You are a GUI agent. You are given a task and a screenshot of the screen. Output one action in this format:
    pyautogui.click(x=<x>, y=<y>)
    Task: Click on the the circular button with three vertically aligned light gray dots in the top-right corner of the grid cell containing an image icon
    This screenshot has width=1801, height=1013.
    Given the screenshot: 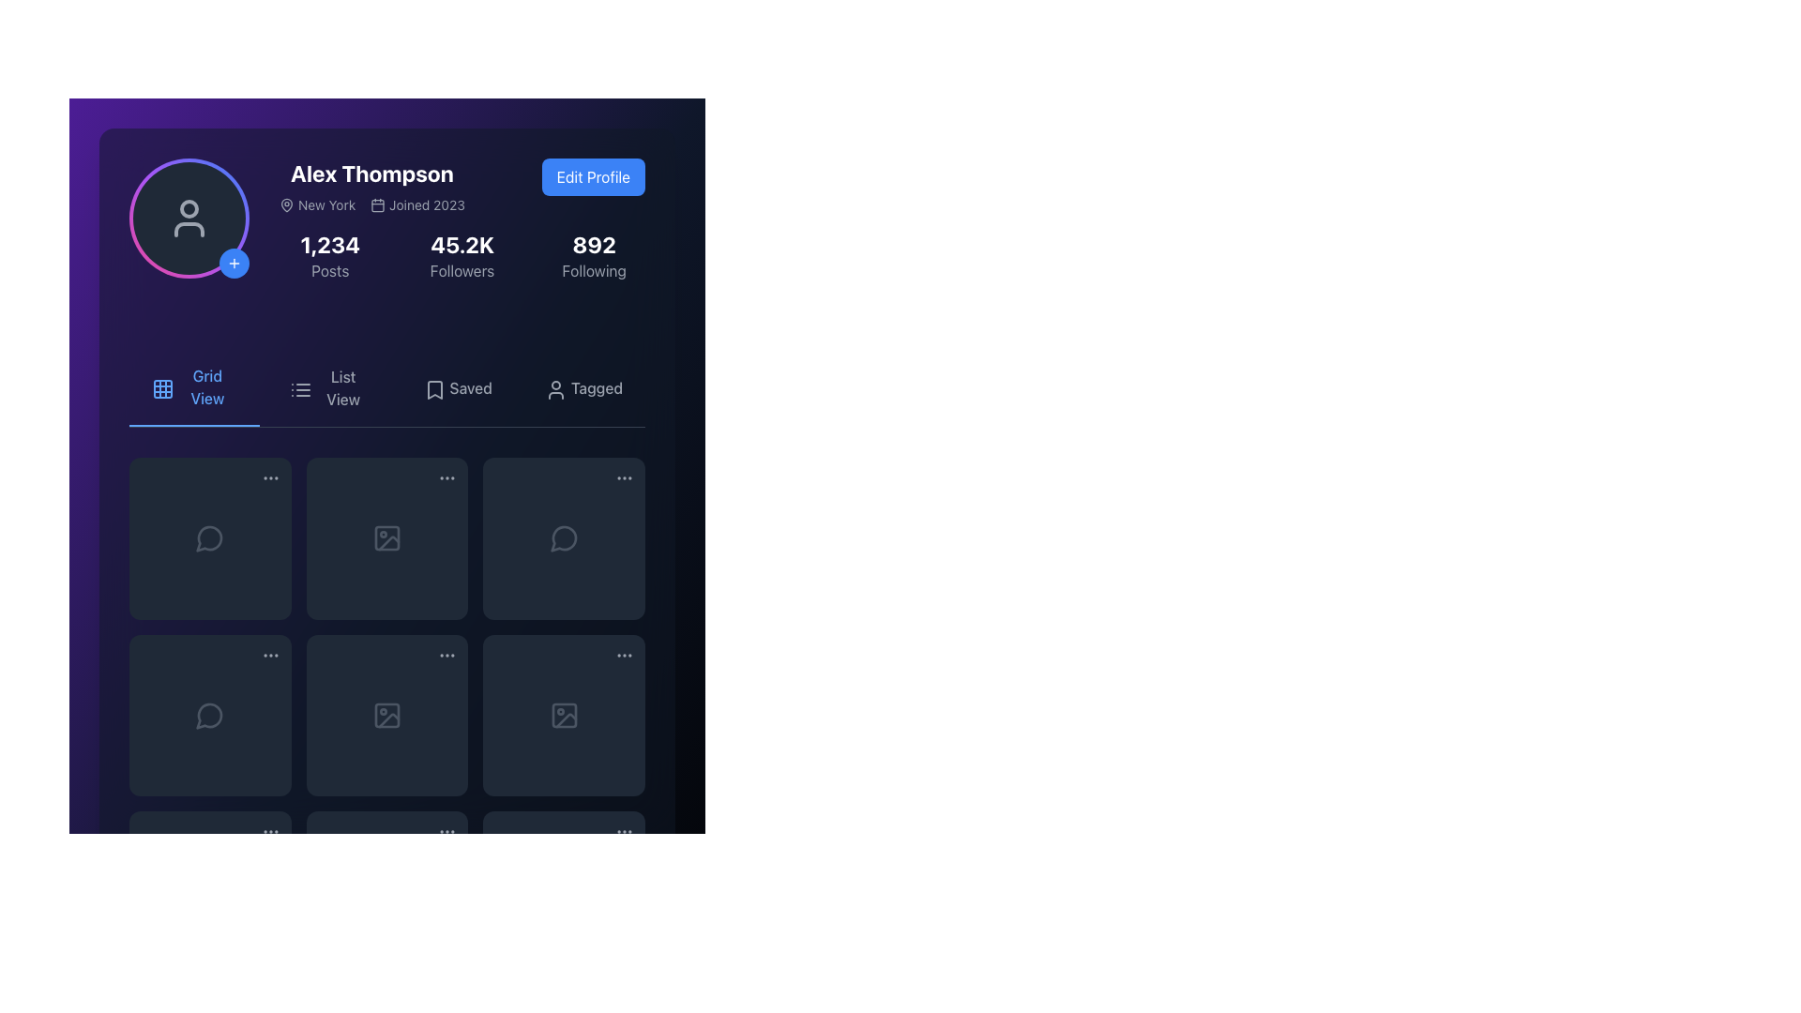 What is the action you would take?
    pyautogui.click(x=446, y=476)
    